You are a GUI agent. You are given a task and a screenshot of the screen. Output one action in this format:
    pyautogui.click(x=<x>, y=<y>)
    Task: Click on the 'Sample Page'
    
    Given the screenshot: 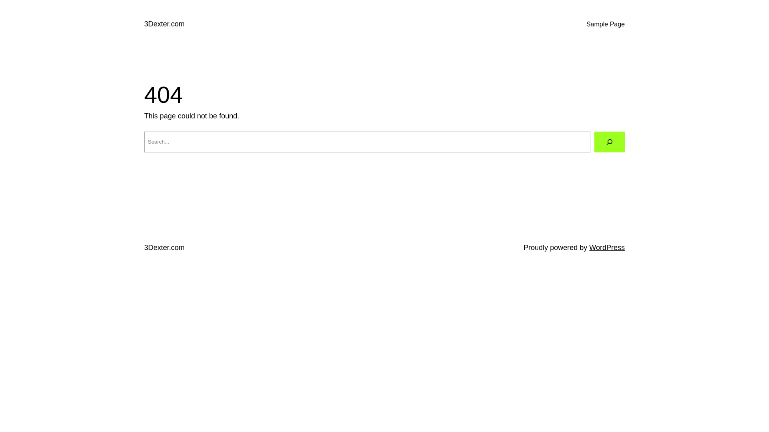 What is the action you would take?
    pyautogui.click(x=606, y=24)
    